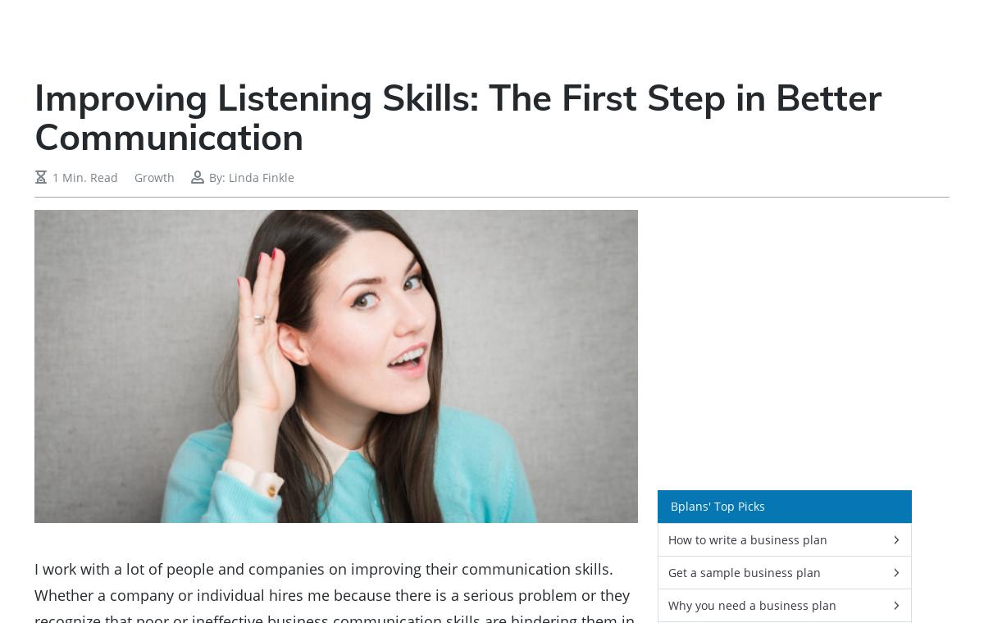 The image size is (984, 623). Describe the element at coordinates (253, 439) in the screenshot. I see `'Write A Winning Business Pitch In Just 60 Minutes'` at that location.